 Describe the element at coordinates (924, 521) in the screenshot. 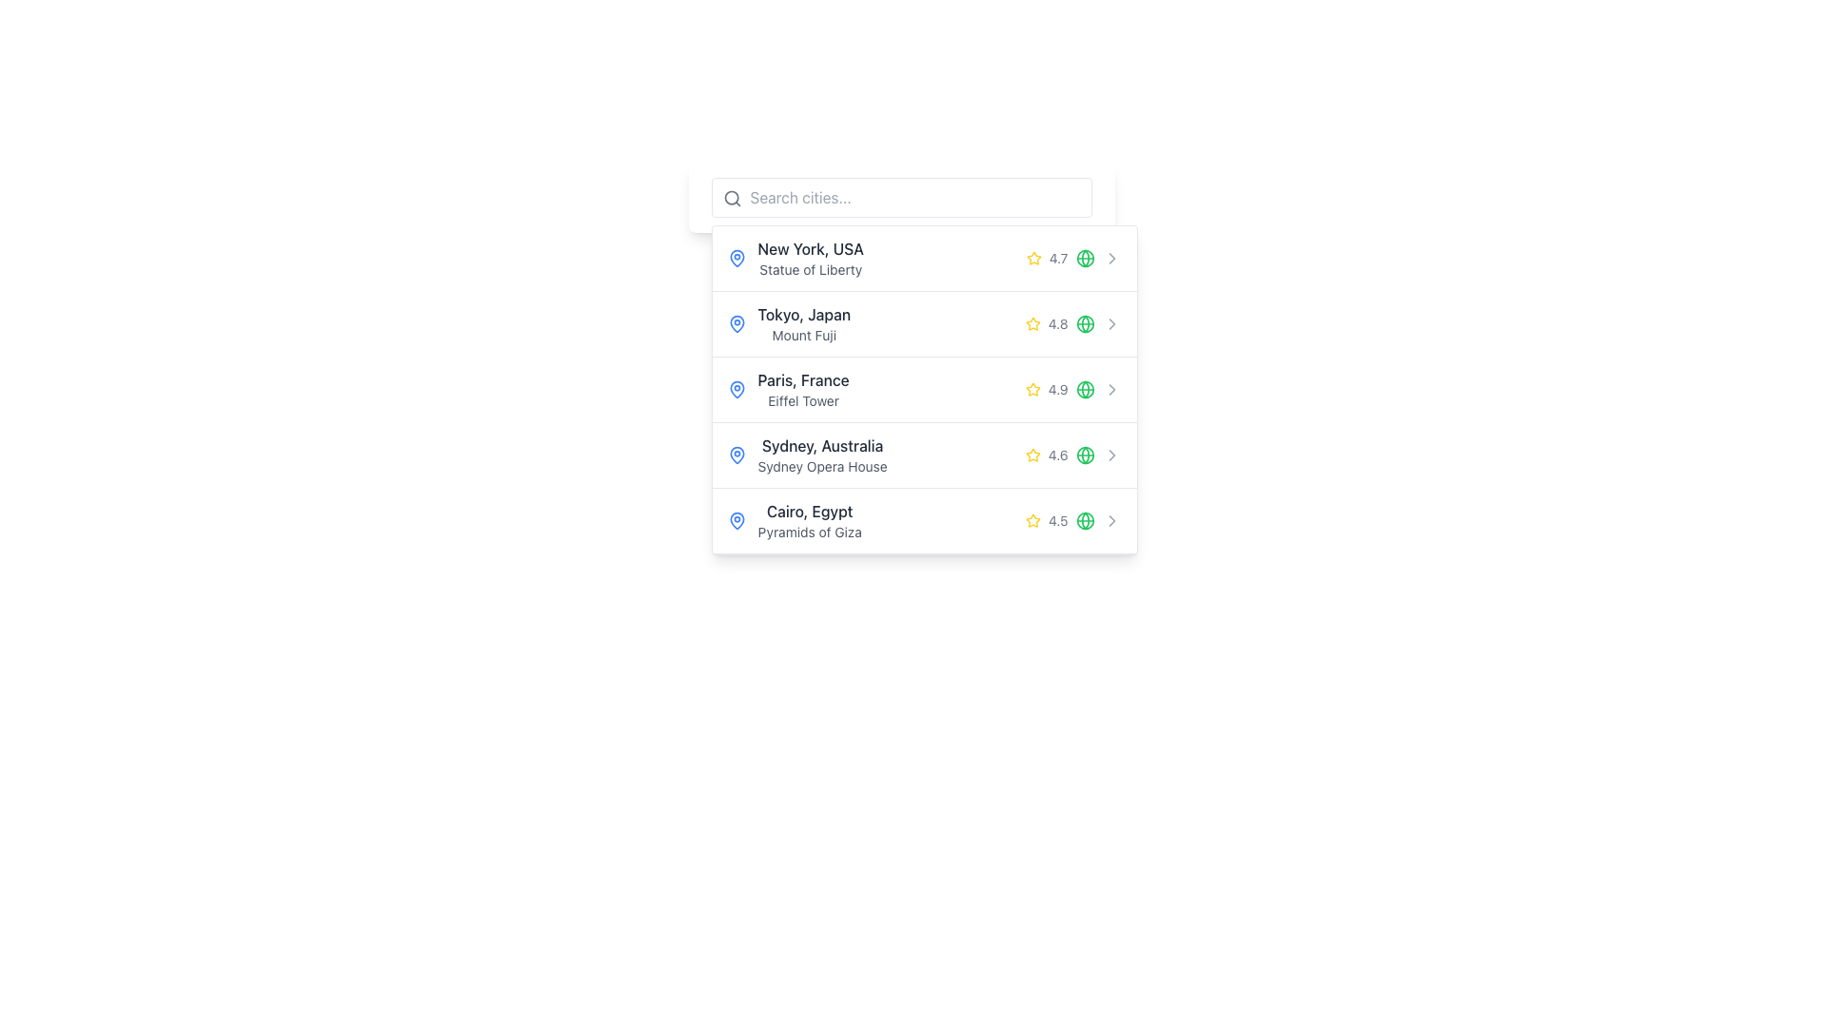

I see `the list item representing 'Cairo, Egypt' with the attraction 'Pyramids of Giza', which is the fifth item in a vertical list of destinations` at that location.